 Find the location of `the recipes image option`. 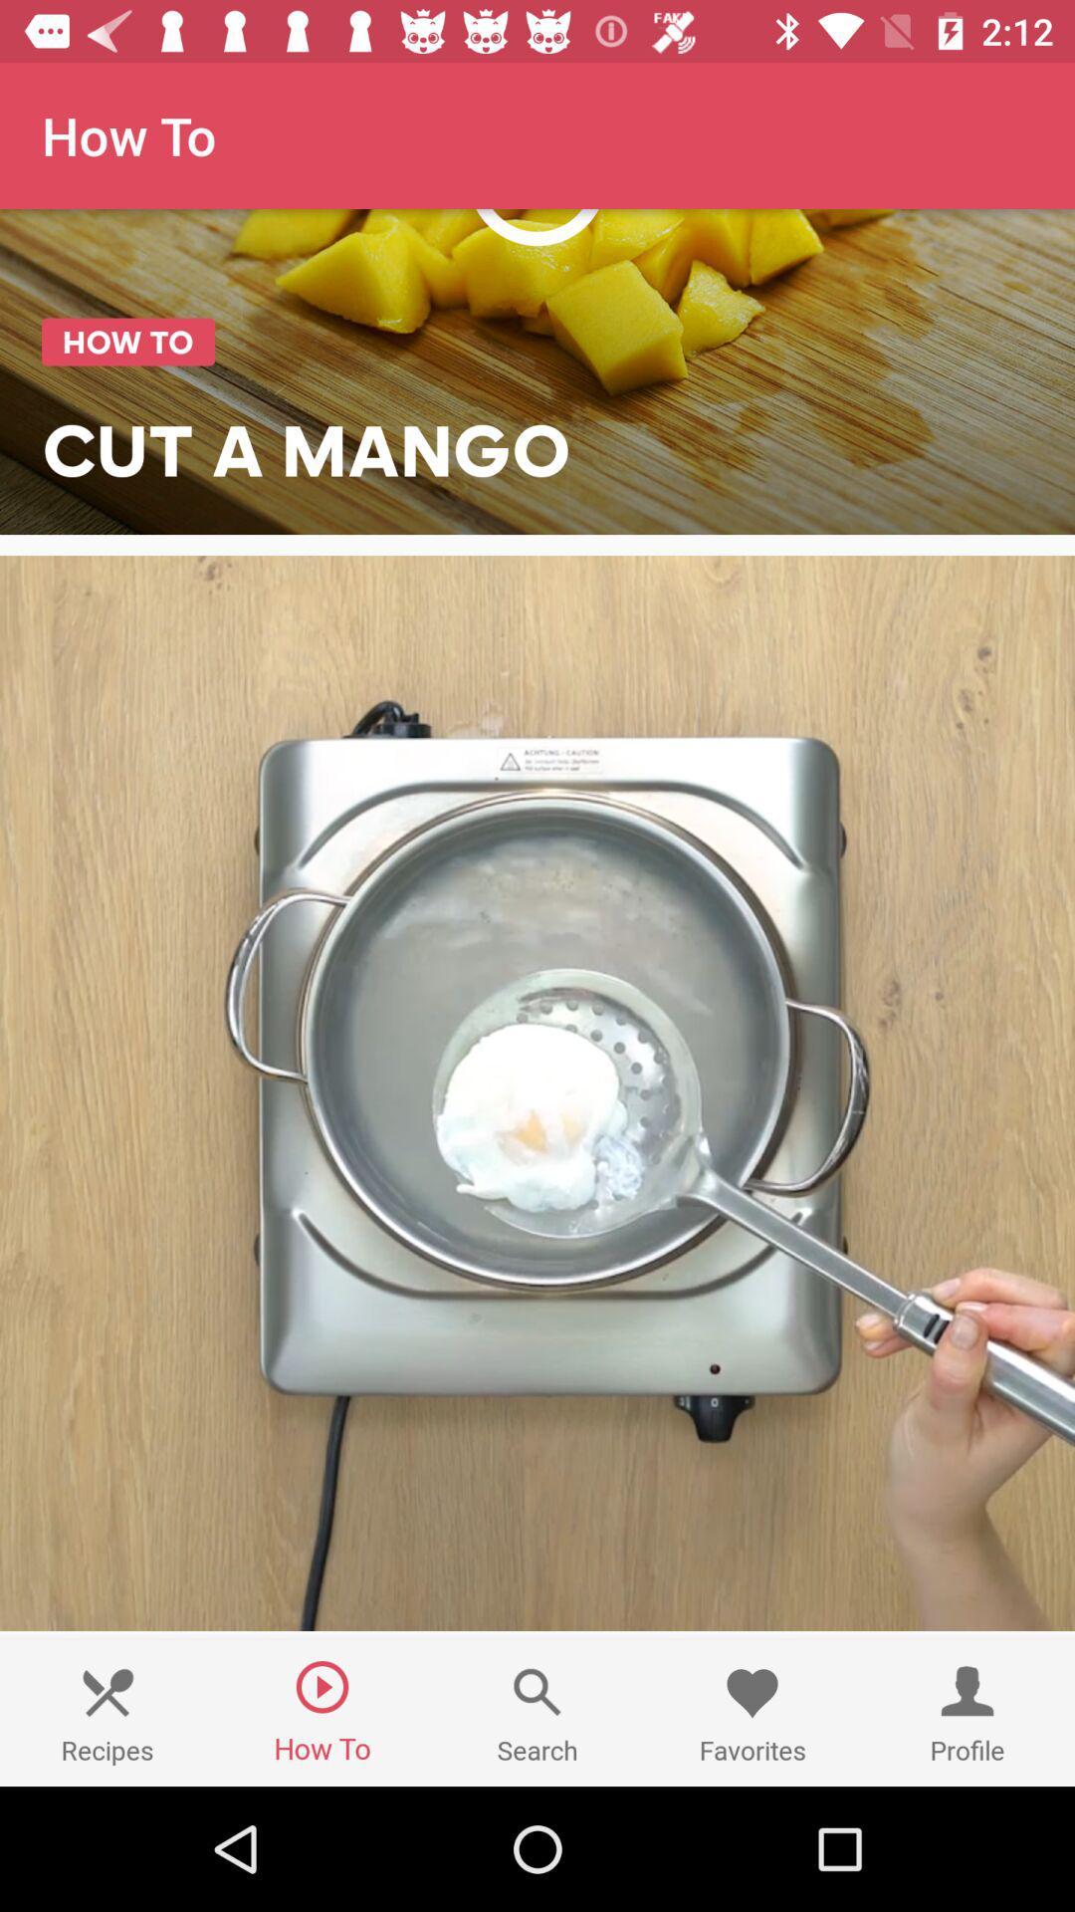

the recipes image option is located at coordinates (107, 1691).